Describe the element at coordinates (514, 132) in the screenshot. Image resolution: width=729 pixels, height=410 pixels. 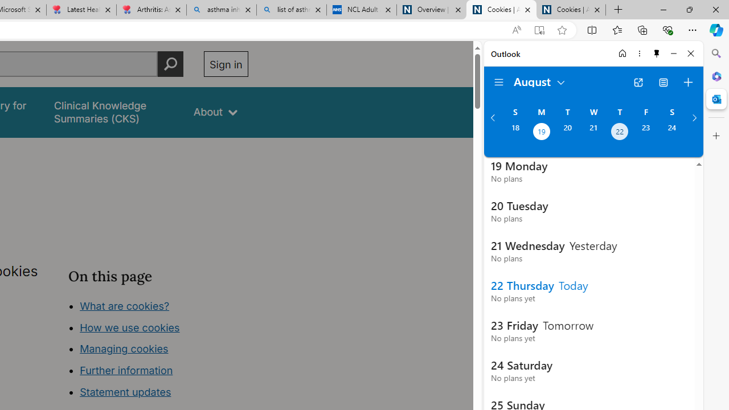
I see `'Sunday, August 18, 2024. '` at that location.